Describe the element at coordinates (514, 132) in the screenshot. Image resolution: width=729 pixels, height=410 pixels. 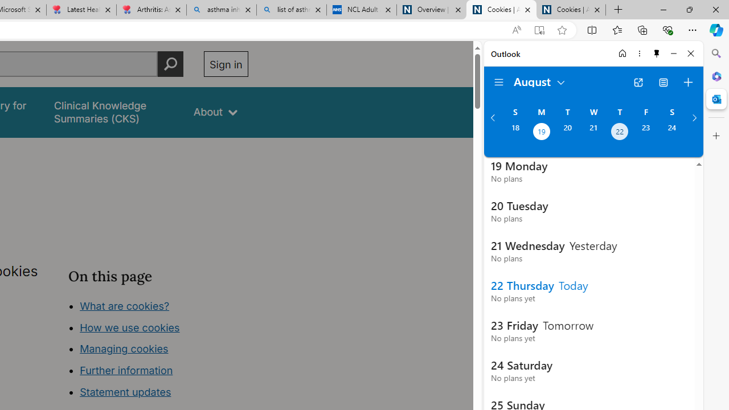
I see `'Sunday, August 18, 2024. '` at that location.